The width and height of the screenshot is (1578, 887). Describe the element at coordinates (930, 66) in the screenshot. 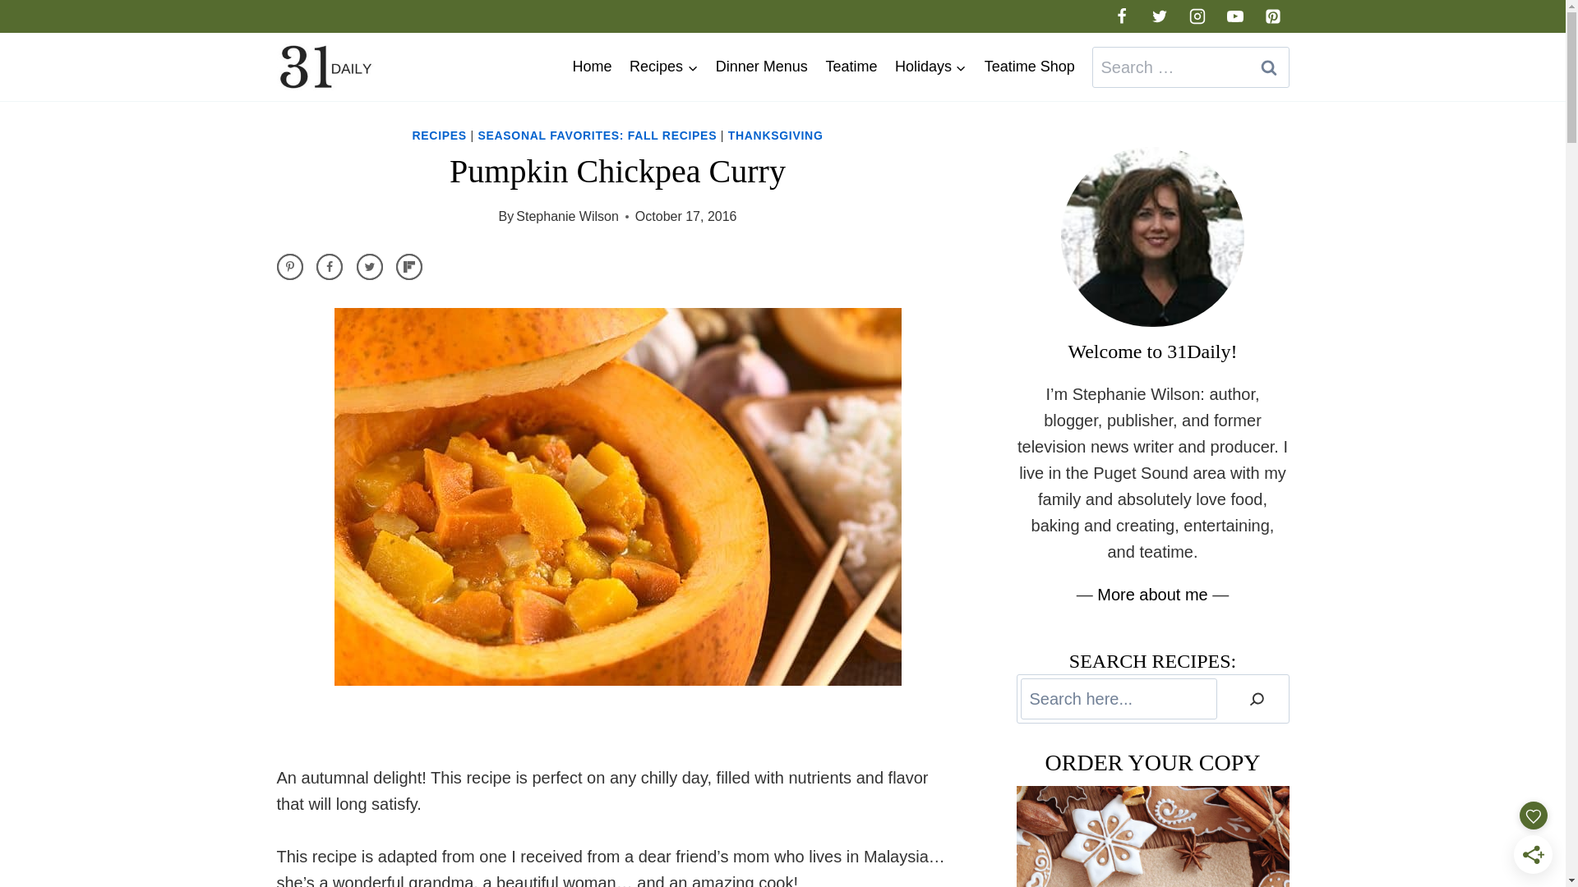

I see `'Holidays'` at that location.